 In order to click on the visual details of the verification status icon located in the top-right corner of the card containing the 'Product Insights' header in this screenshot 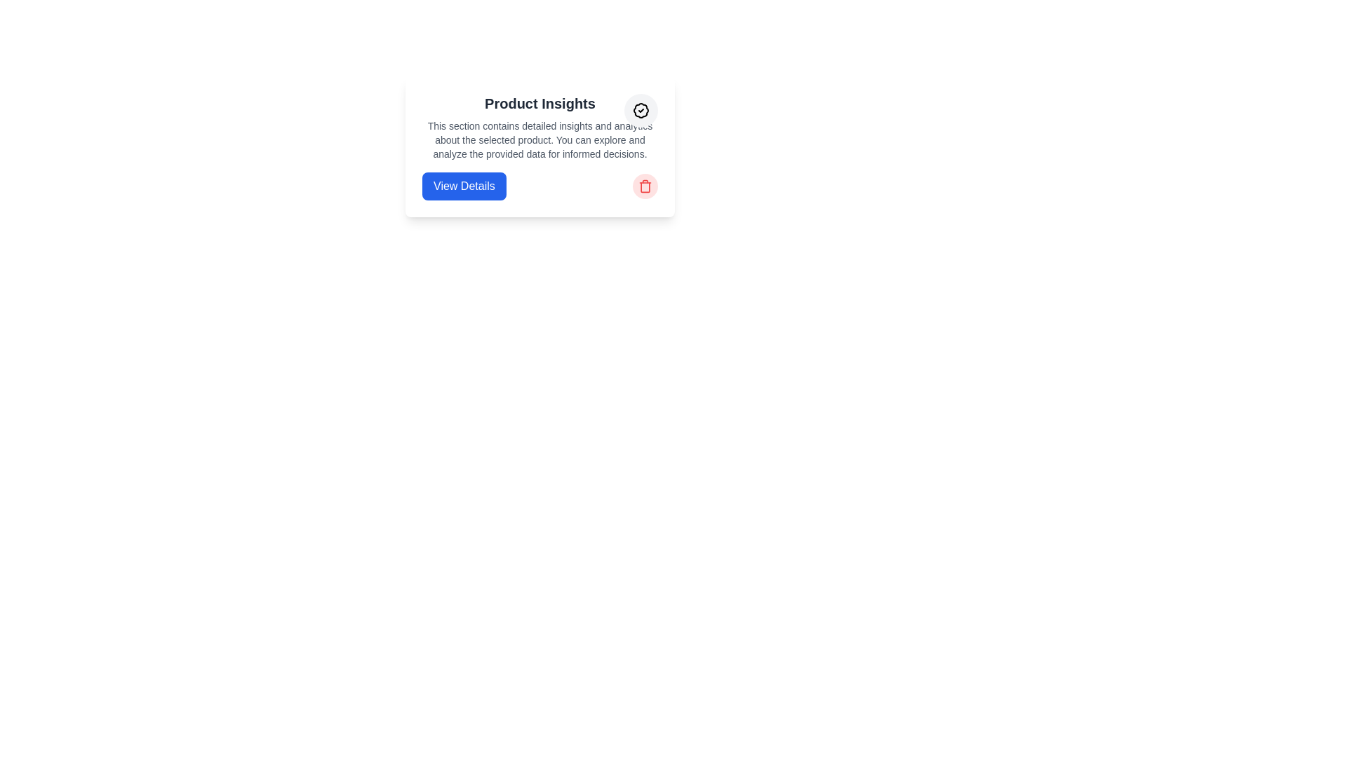, I will do `click(640, 110)`.